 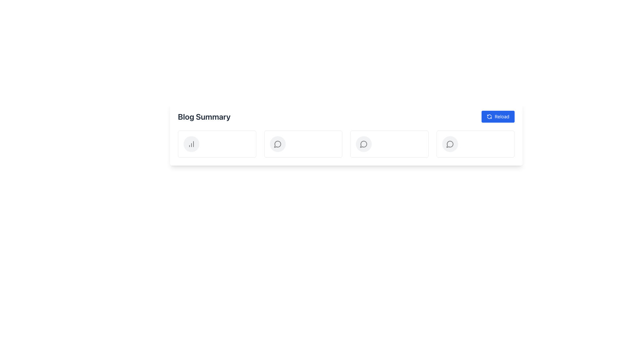 What do you see at coordinates (363, 143) in the screenshot?
I see `the circular icon button with a chat bubble image, located as the middle element in the second row of icons` at bounding box center [363, 143].